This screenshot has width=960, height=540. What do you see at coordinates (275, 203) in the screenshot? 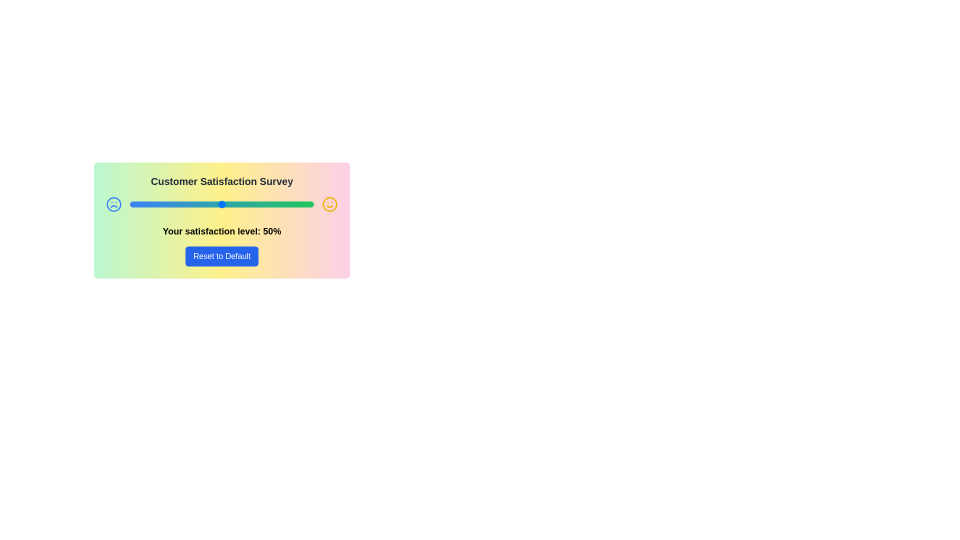
I see `the satisfaction slider to set the satisfaction level to 79` at bounding box center [275, 203].